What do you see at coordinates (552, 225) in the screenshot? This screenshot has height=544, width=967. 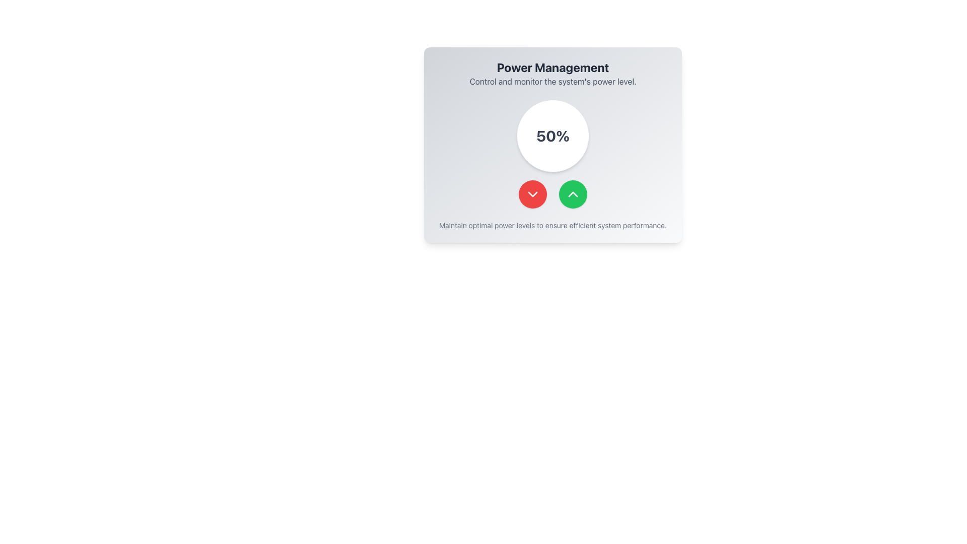 I see `the gray text element that is centrally aligned and serves as a note or guidance, located beneath other elements in the interface` at bounding box center [552, 225].